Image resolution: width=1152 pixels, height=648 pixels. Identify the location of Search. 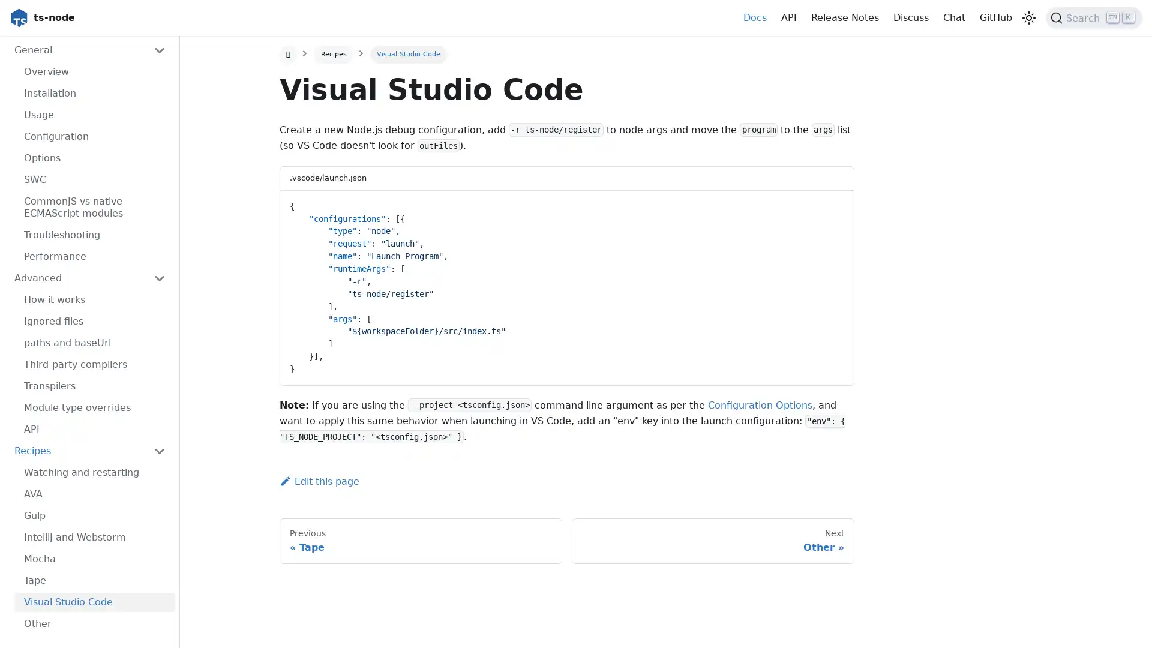
(1094, 18).